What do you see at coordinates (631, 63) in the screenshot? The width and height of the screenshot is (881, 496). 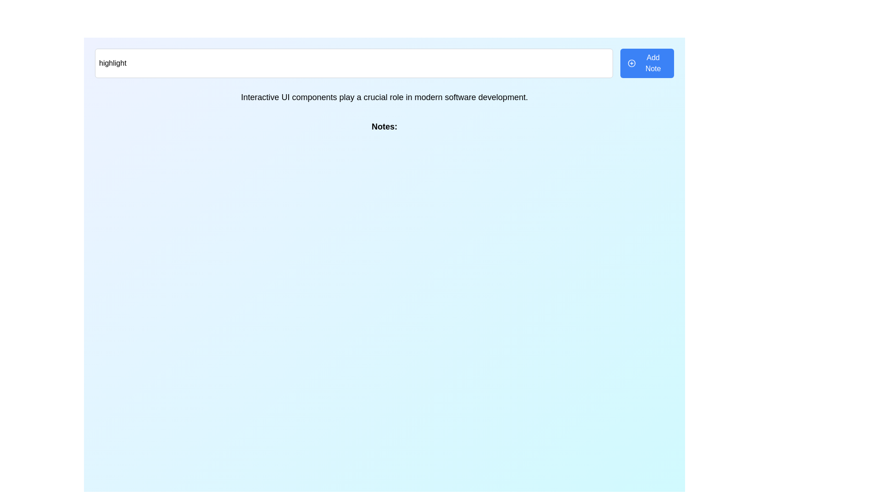 I see `the outer circular part of the plus icon located in the top-right corner of the interface next to the 'Add Note' button` at bounding box center [631, 63].